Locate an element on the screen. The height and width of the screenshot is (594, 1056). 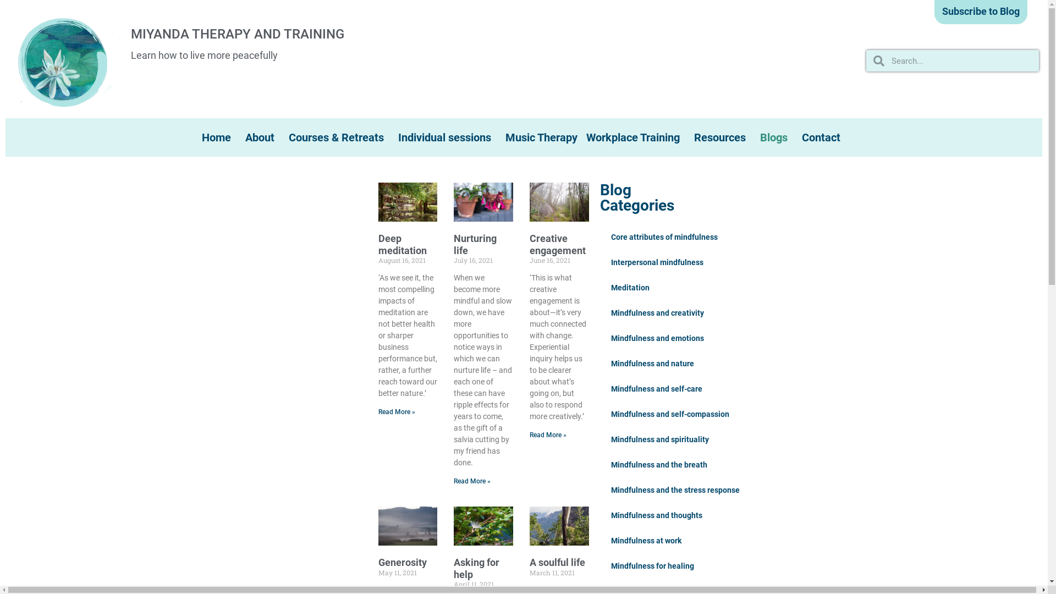
'Asking for help' is located at coordinates (476, 568).